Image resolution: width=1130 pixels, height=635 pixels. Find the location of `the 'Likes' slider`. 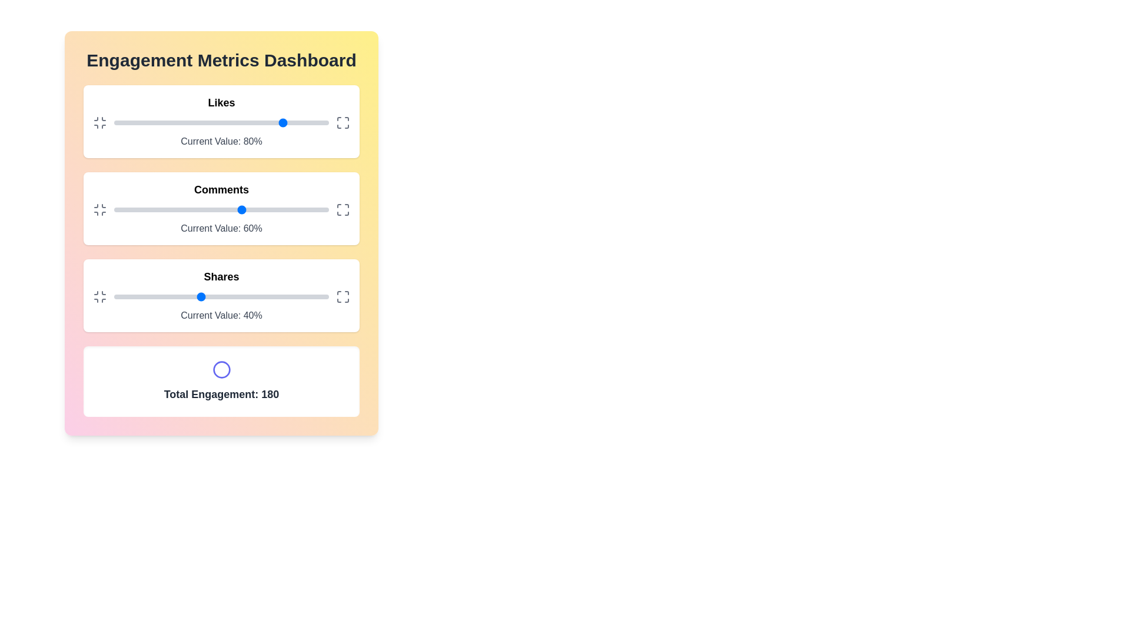

the 'Likes' slider is located at coordinates (152, 122).